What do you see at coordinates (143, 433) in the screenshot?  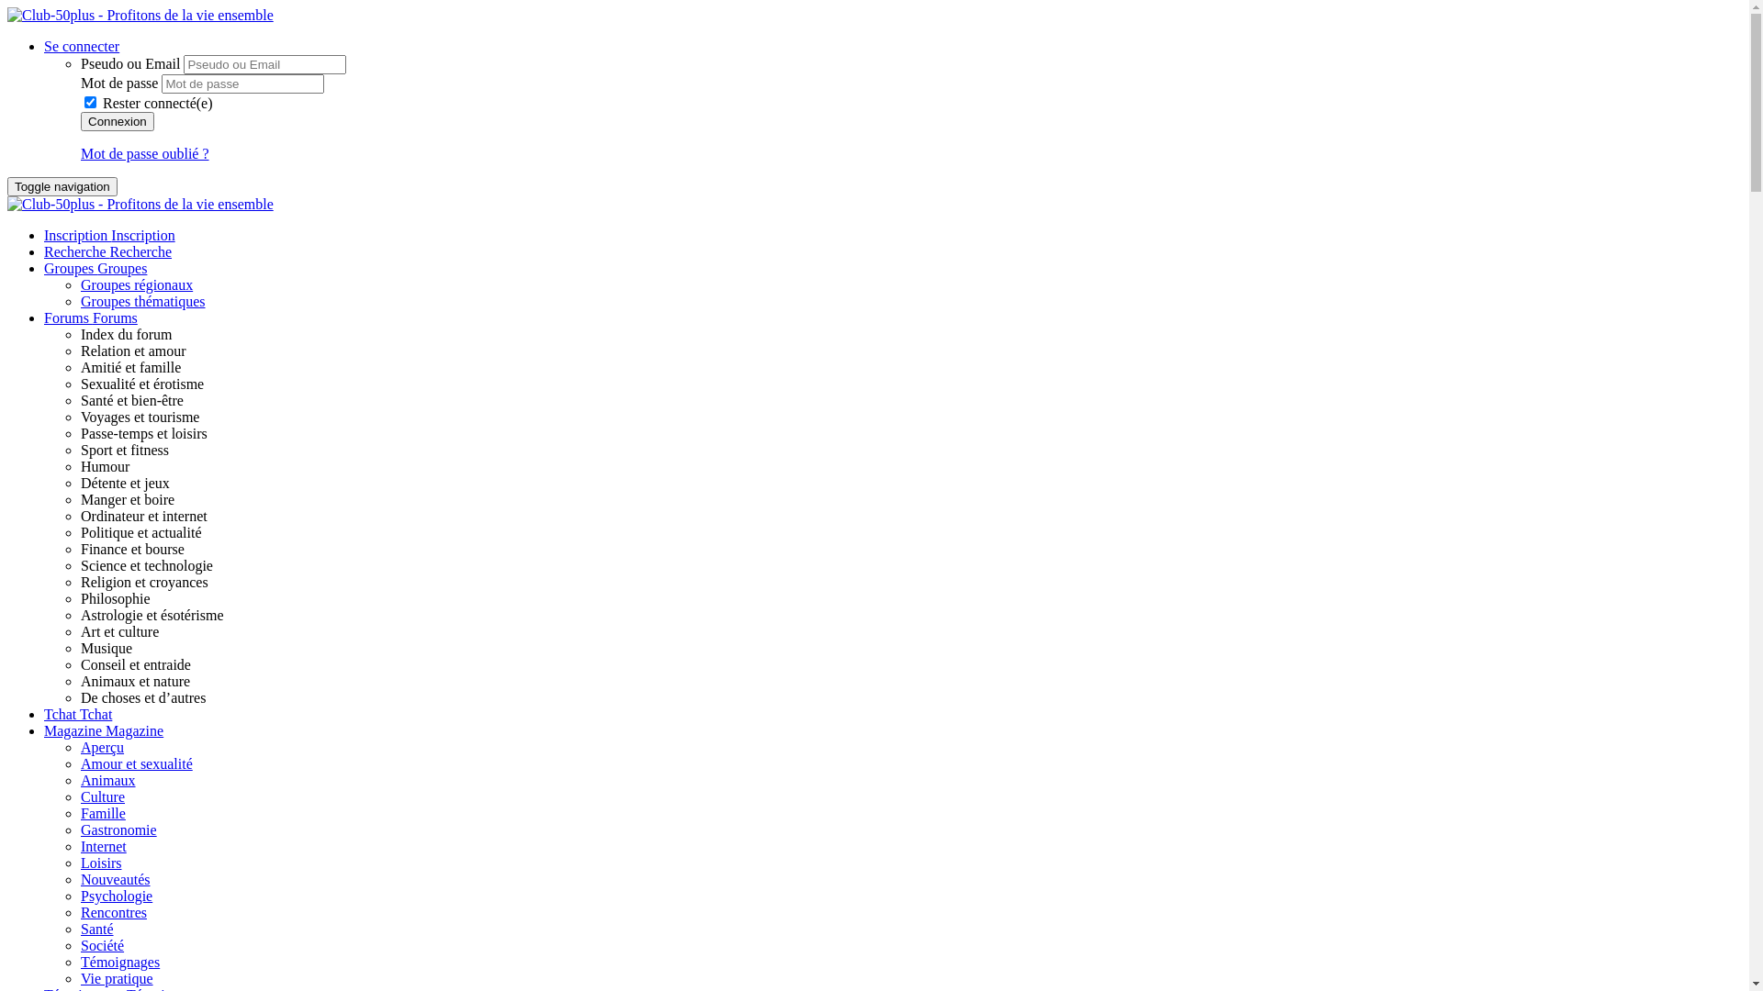 I see `'Passe-temps et loisirs'` at bounding box center [143, 433].